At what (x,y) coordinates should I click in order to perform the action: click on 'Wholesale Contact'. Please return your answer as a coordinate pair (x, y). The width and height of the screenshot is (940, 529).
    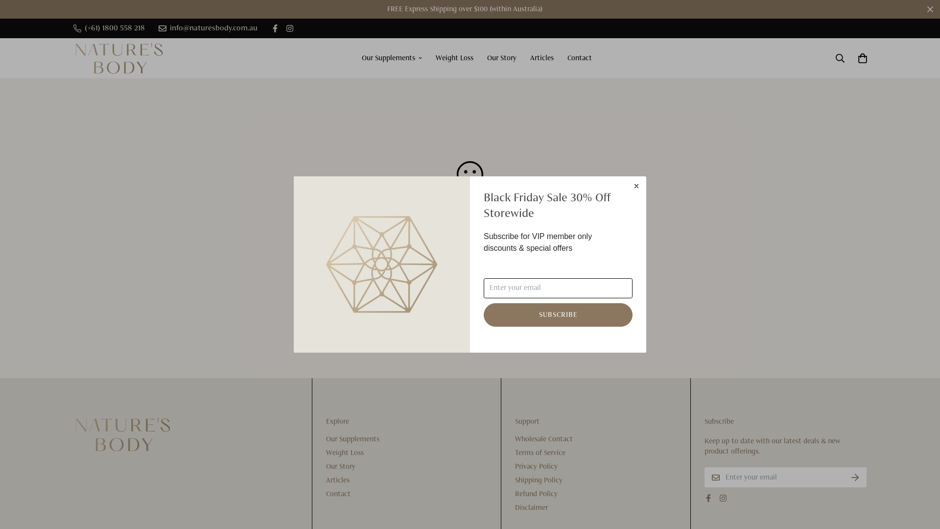
    Looking at the image, I should click on (543, 439).